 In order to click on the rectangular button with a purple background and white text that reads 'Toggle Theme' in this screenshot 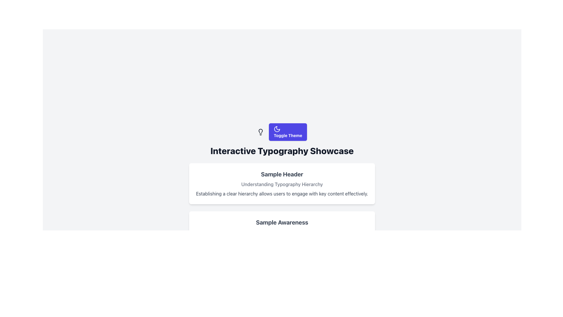, I will do `click(282, 132)`.